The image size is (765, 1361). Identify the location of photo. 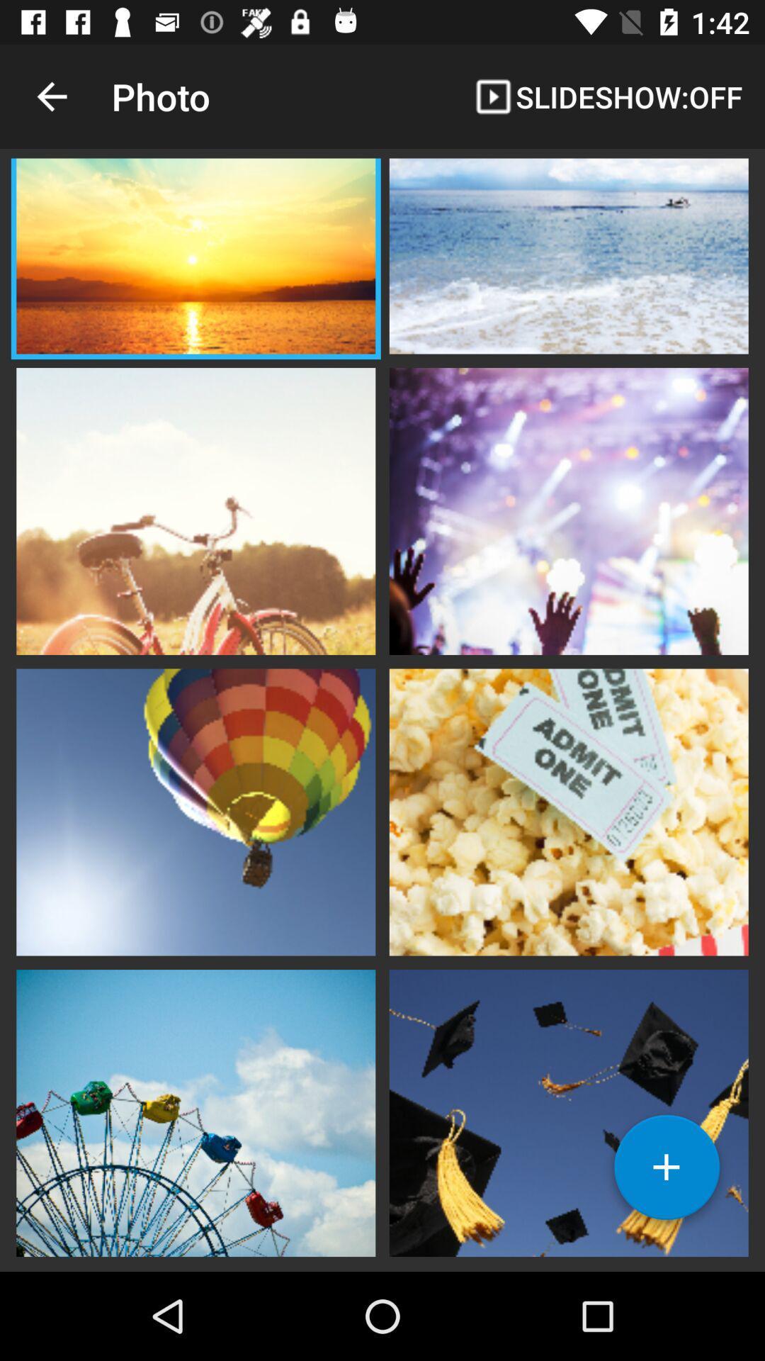
(195, 810).